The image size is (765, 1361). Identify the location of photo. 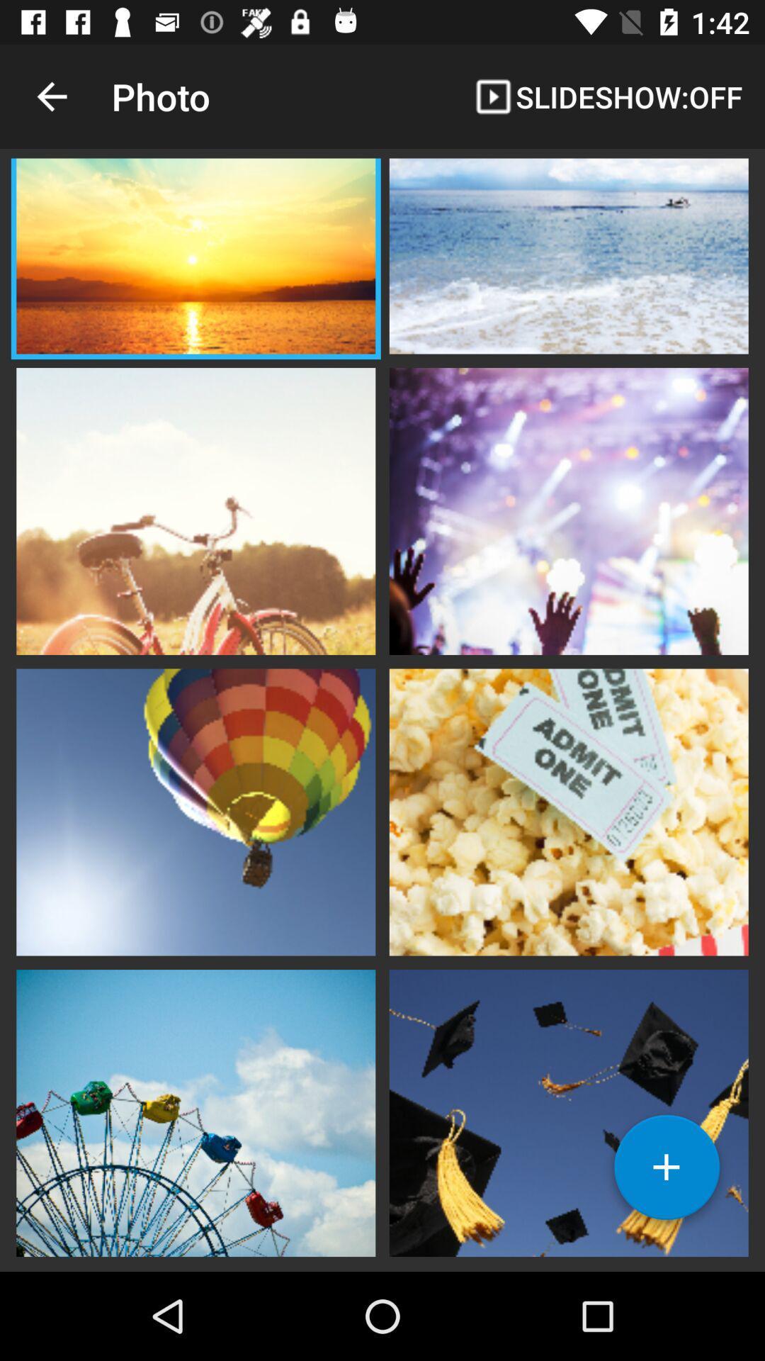
(195, 810).